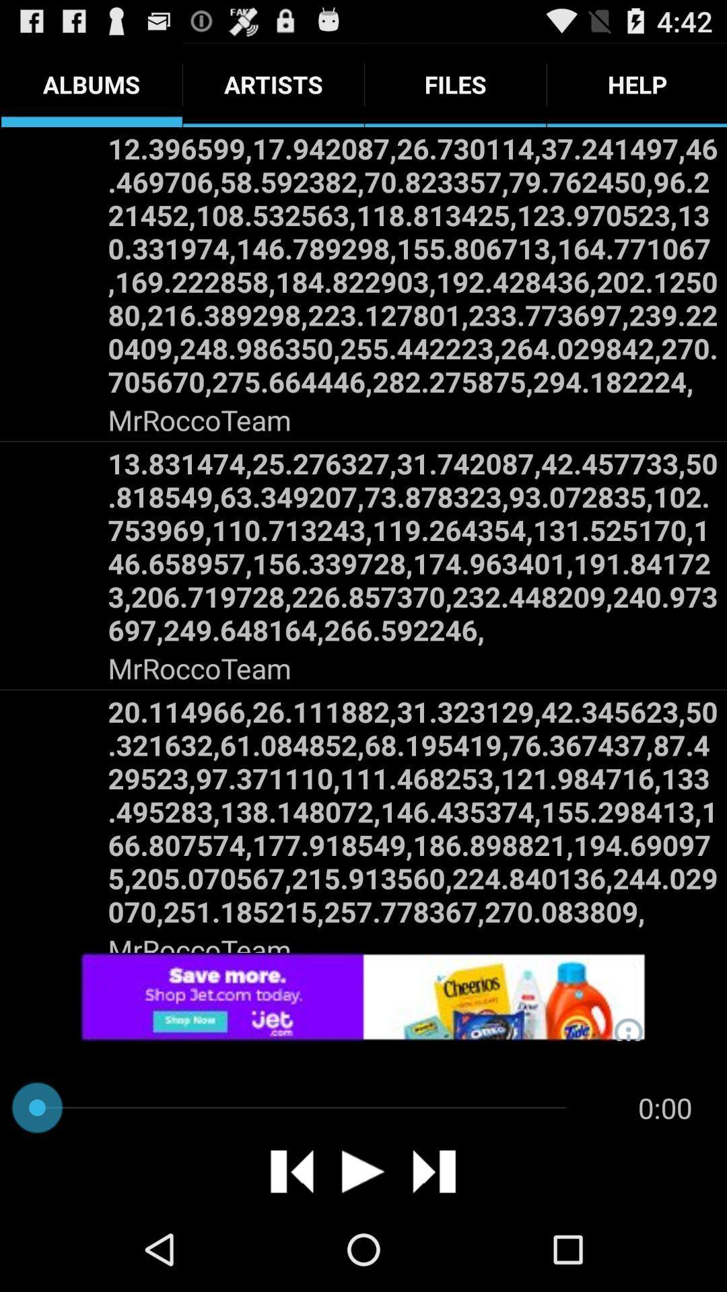 This screenshot has width=727, height=1292. What do you see at coordinates (434, 1253) in the screenshot?
I see `the skip_next icon` at bounding box center [434, 1253].